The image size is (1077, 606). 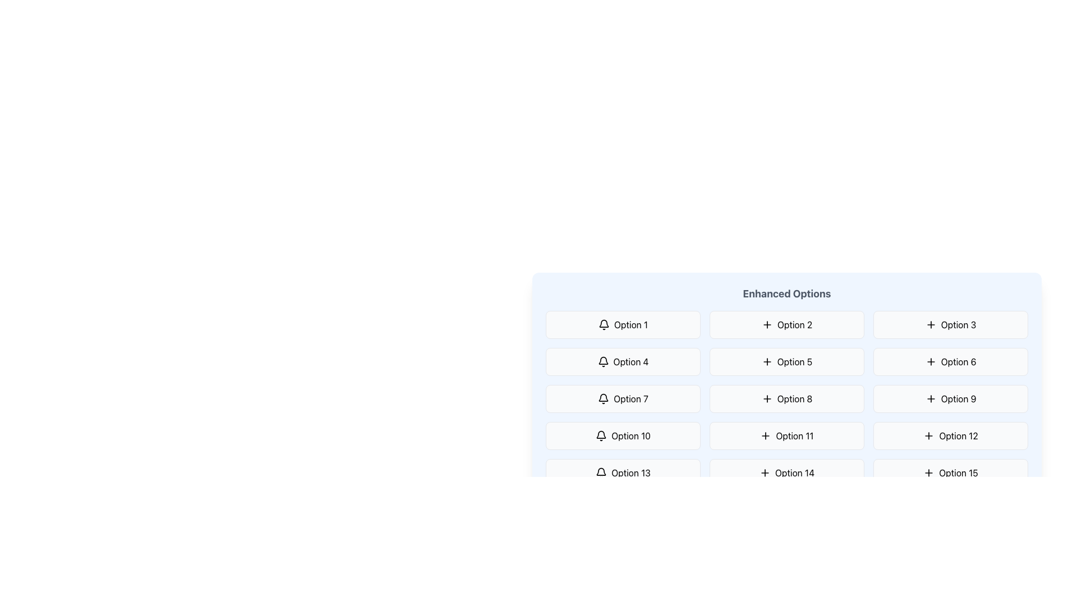 I want to click on the button labeled 'Option 10' which is the last item in the fourth row of a grid layout, located below 'Option 7' and to the left of 'Option 11', so click(x=622, y=435).